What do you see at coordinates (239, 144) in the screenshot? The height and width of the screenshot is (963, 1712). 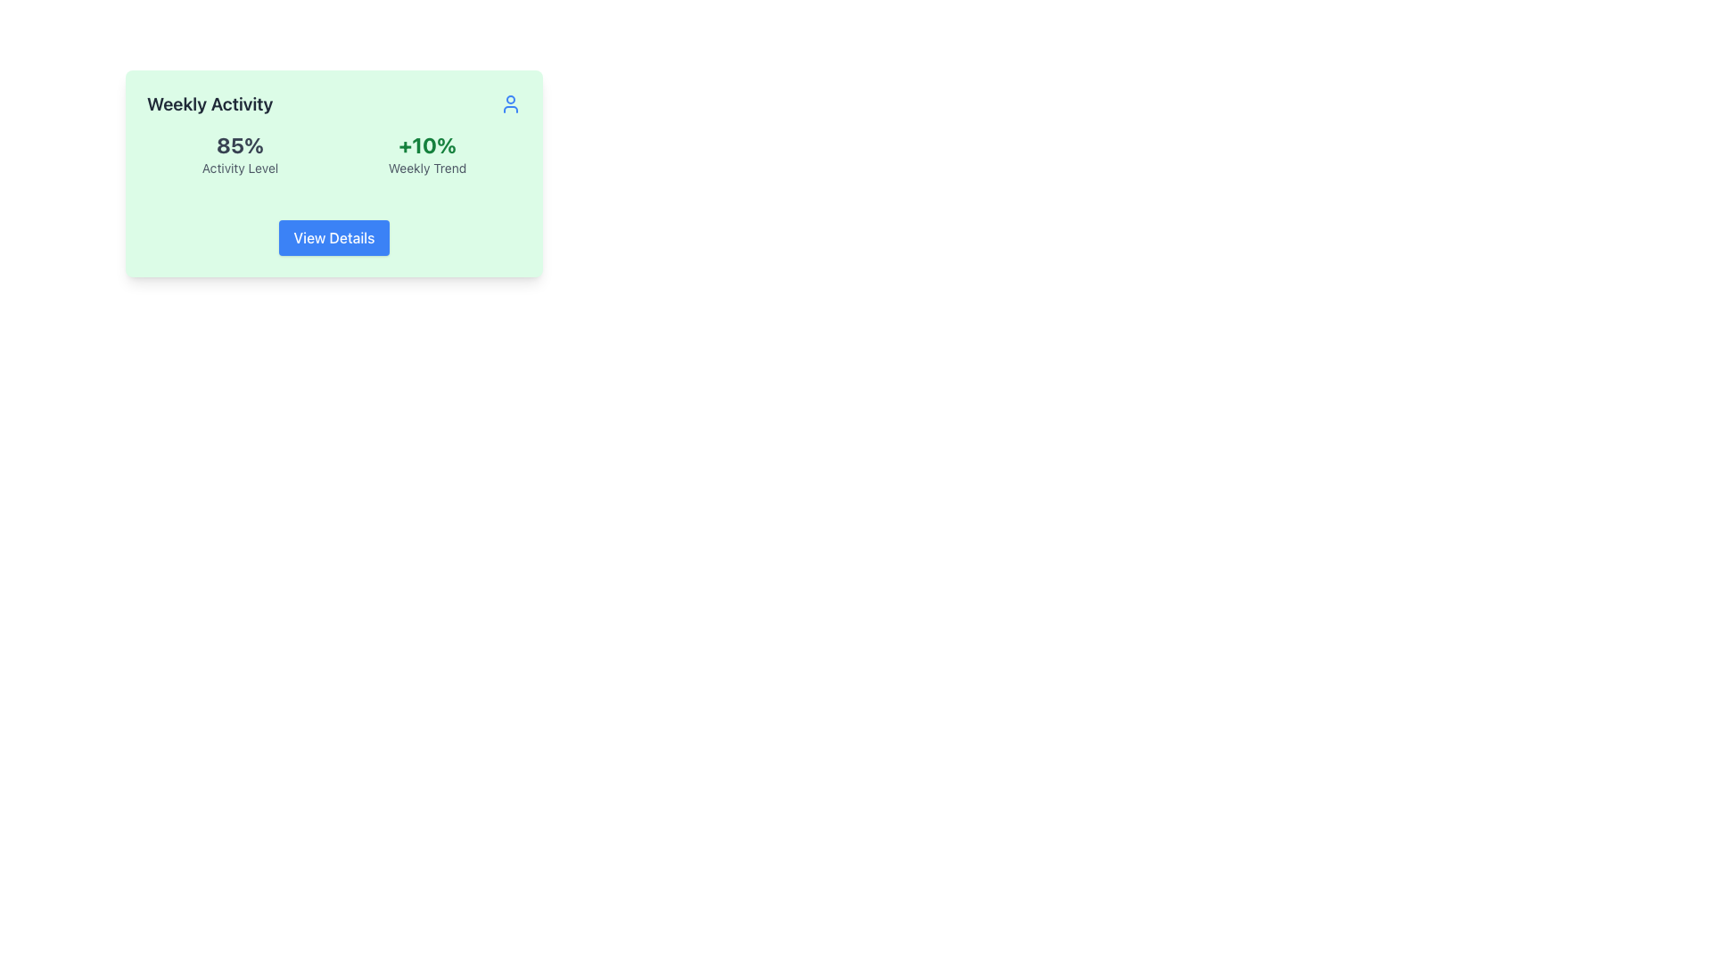 I see `the large, bold text label displaying '85%' in dark gray, which is located at the top-left of the card section above 'Activity Level'` at bounding box center [239, 144].